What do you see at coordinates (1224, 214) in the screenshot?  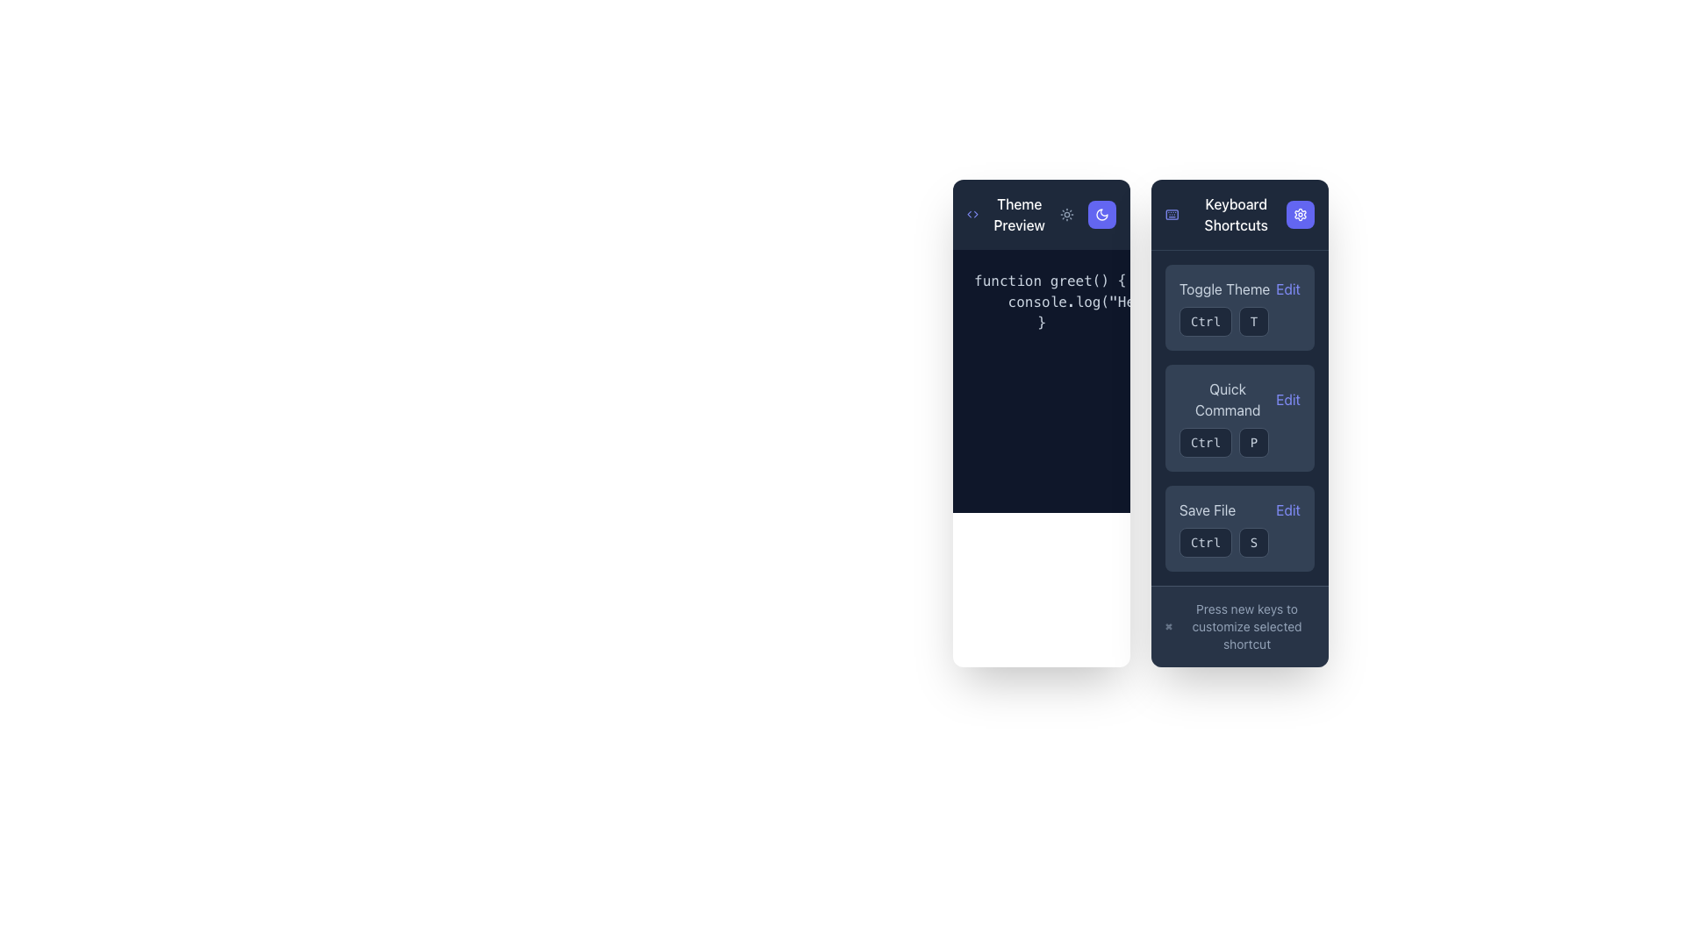 I see `the Label with Icon that features a keyboard icon and the text 'Keyboard Shortcuts' on a dark blue background, located at the top of the right-side panel` at bounding box center [1224, 214].